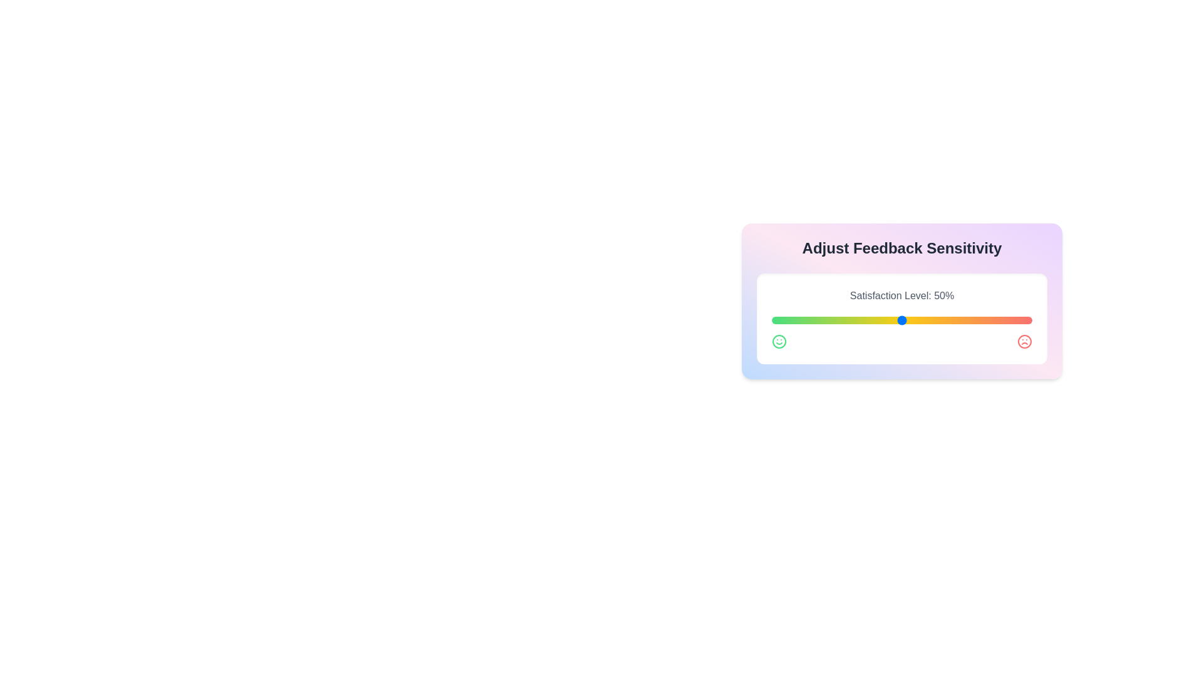 Image resolution: width=1202 pixels, height=676 pixels. What do you see at coordinates (997, 320) in the screenshot?
I see `the satisfaction level slider to 87%` at bounding box center [997, 320].